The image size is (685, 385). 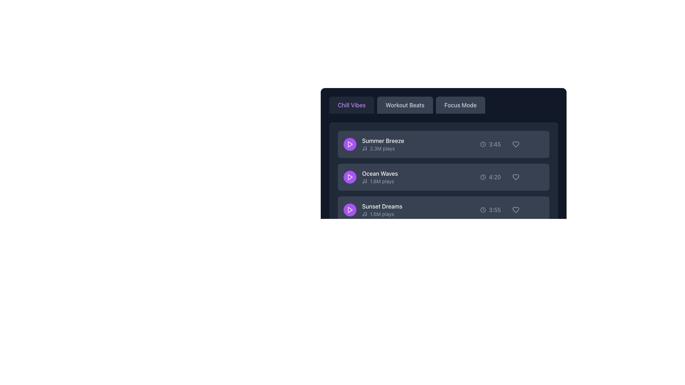 I want to click on the small gray music note icon, which is located to the left of the text '1.8M plays' under the 'Chill Vibes' section, associated with the 'Ocean Waves' track, so click(x=365, y=181).